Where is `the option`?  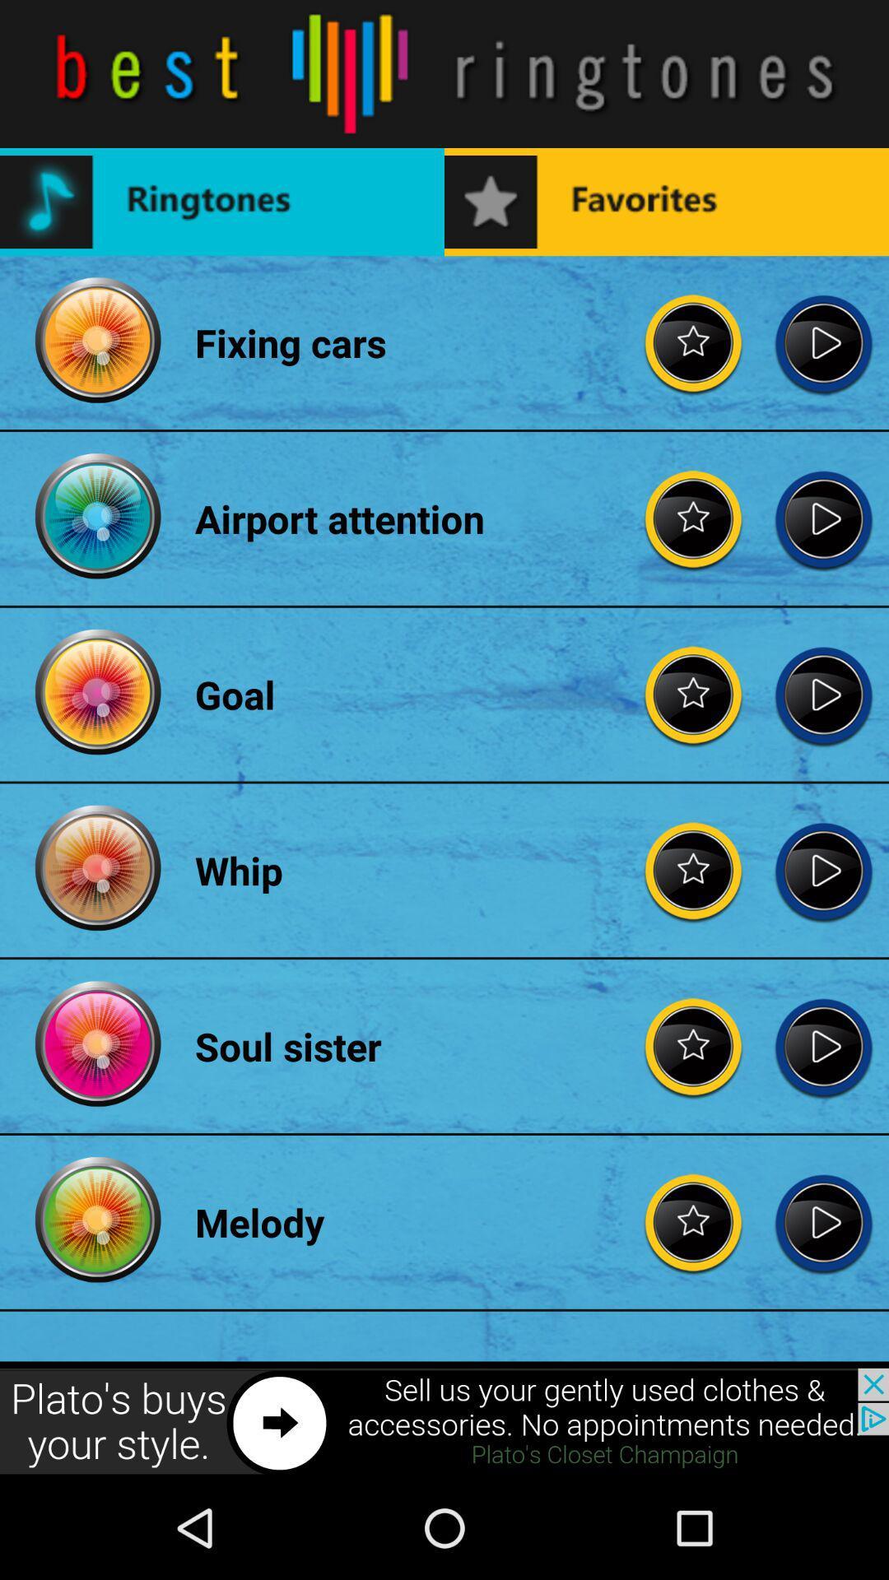 the option is located at coordinates (823, 342).